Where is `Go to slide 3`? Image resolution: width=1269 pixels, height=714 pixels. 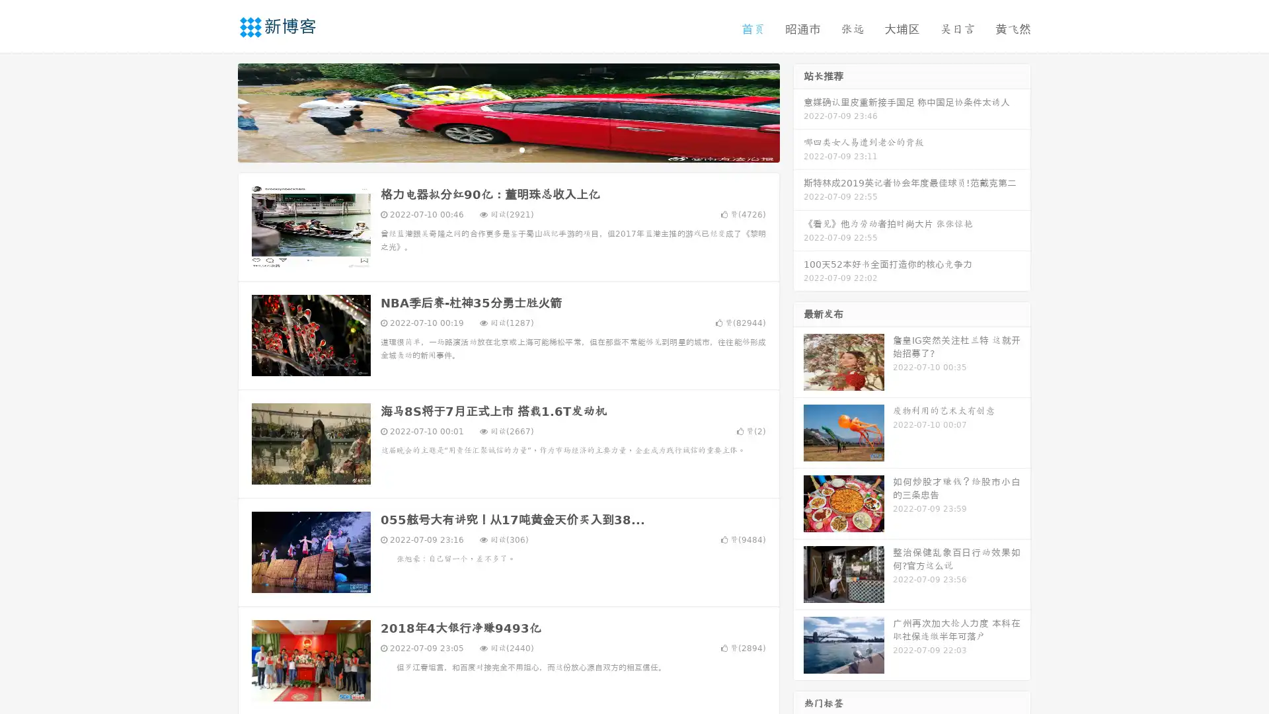
Go to slide 3 is located at coordinates (521, 149).